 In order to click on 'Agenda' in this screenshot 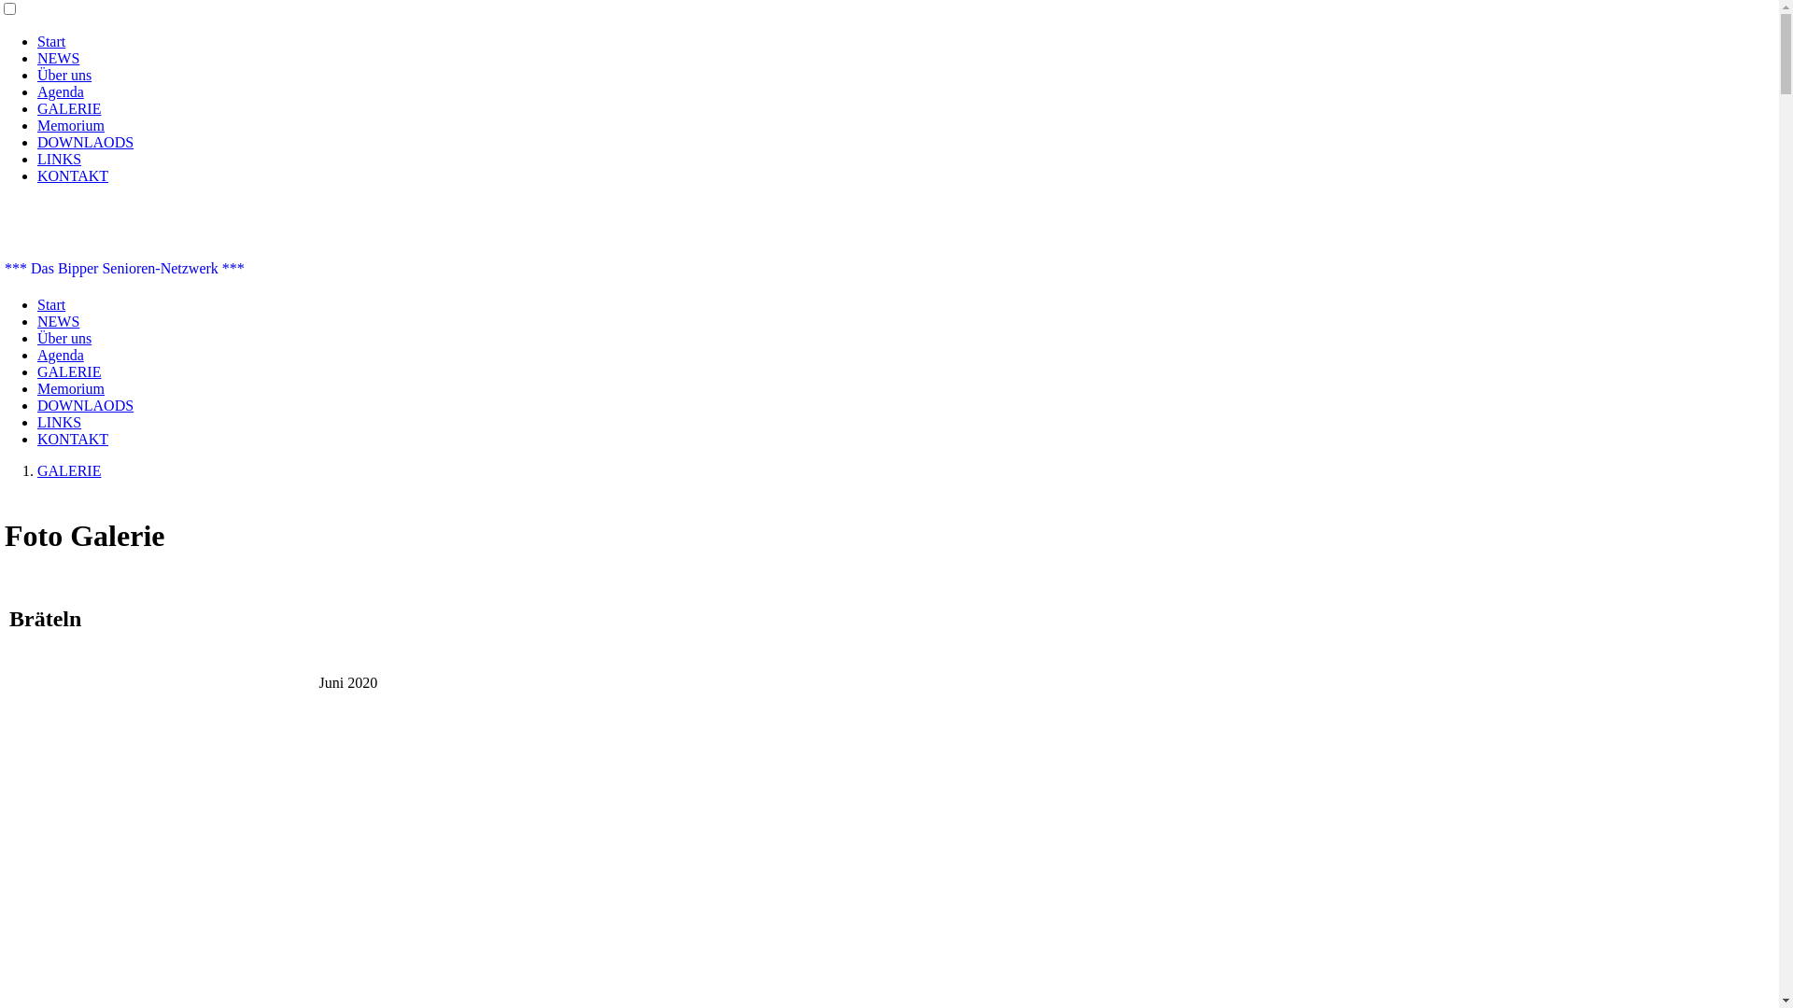, I will do `click(36, 355)`.